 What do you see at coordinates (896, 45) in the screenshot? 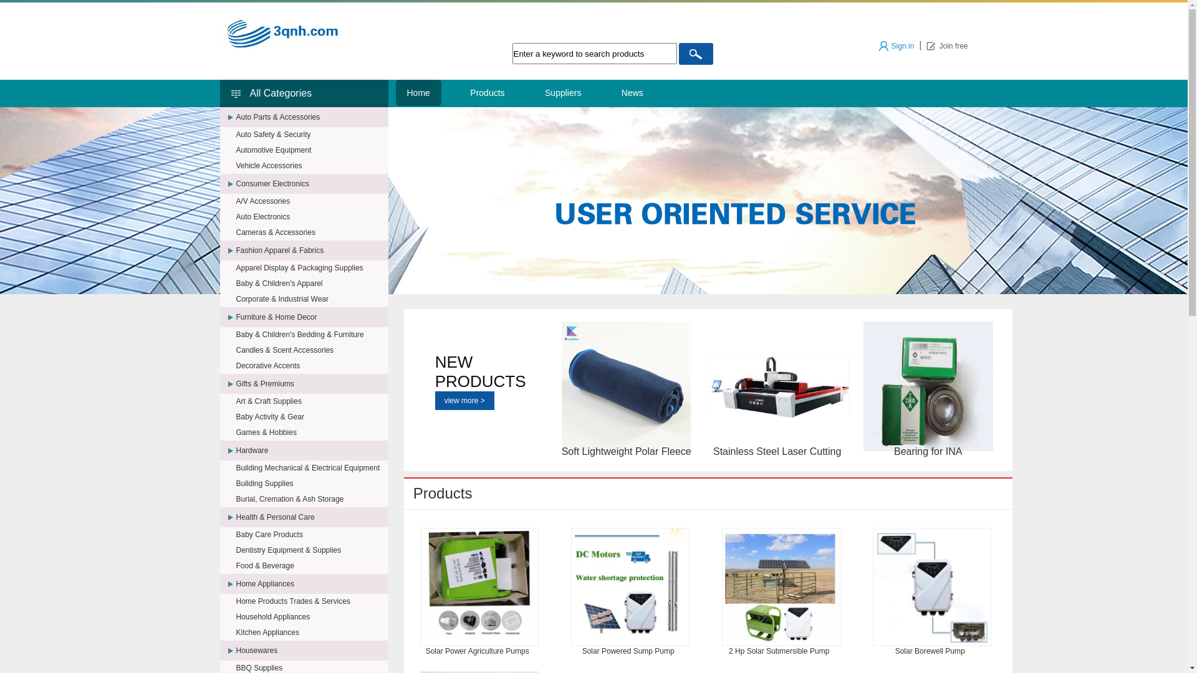
I see `'Sign in'` at bounding box center [896, 45].